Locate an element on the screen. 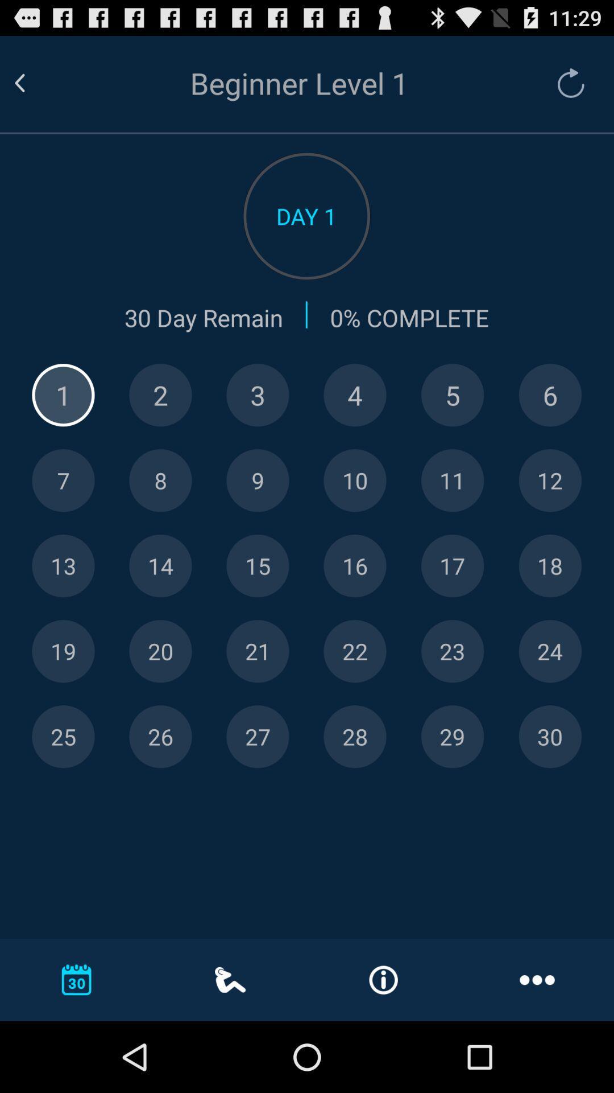 This screenshot has height=1093, width=614. tap to choose the 18th day of the month is located at coordinates (549, 566).